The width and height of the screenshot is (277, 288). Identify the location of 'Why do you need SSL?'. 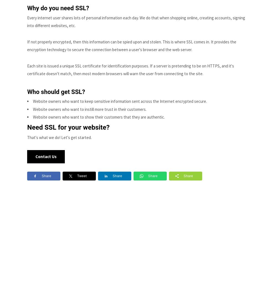
(58, 7).